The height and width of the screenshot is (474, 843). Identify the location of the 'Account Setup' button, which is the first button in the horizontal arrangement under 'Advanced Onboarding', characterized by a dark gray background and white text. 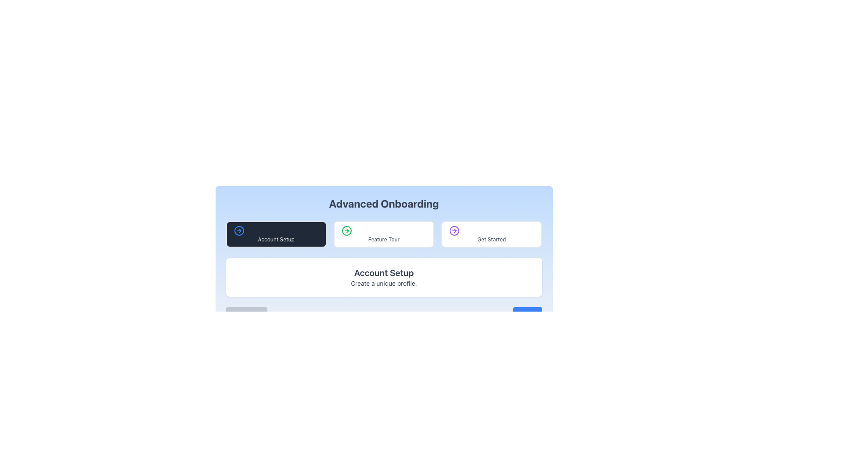
(276, 233).